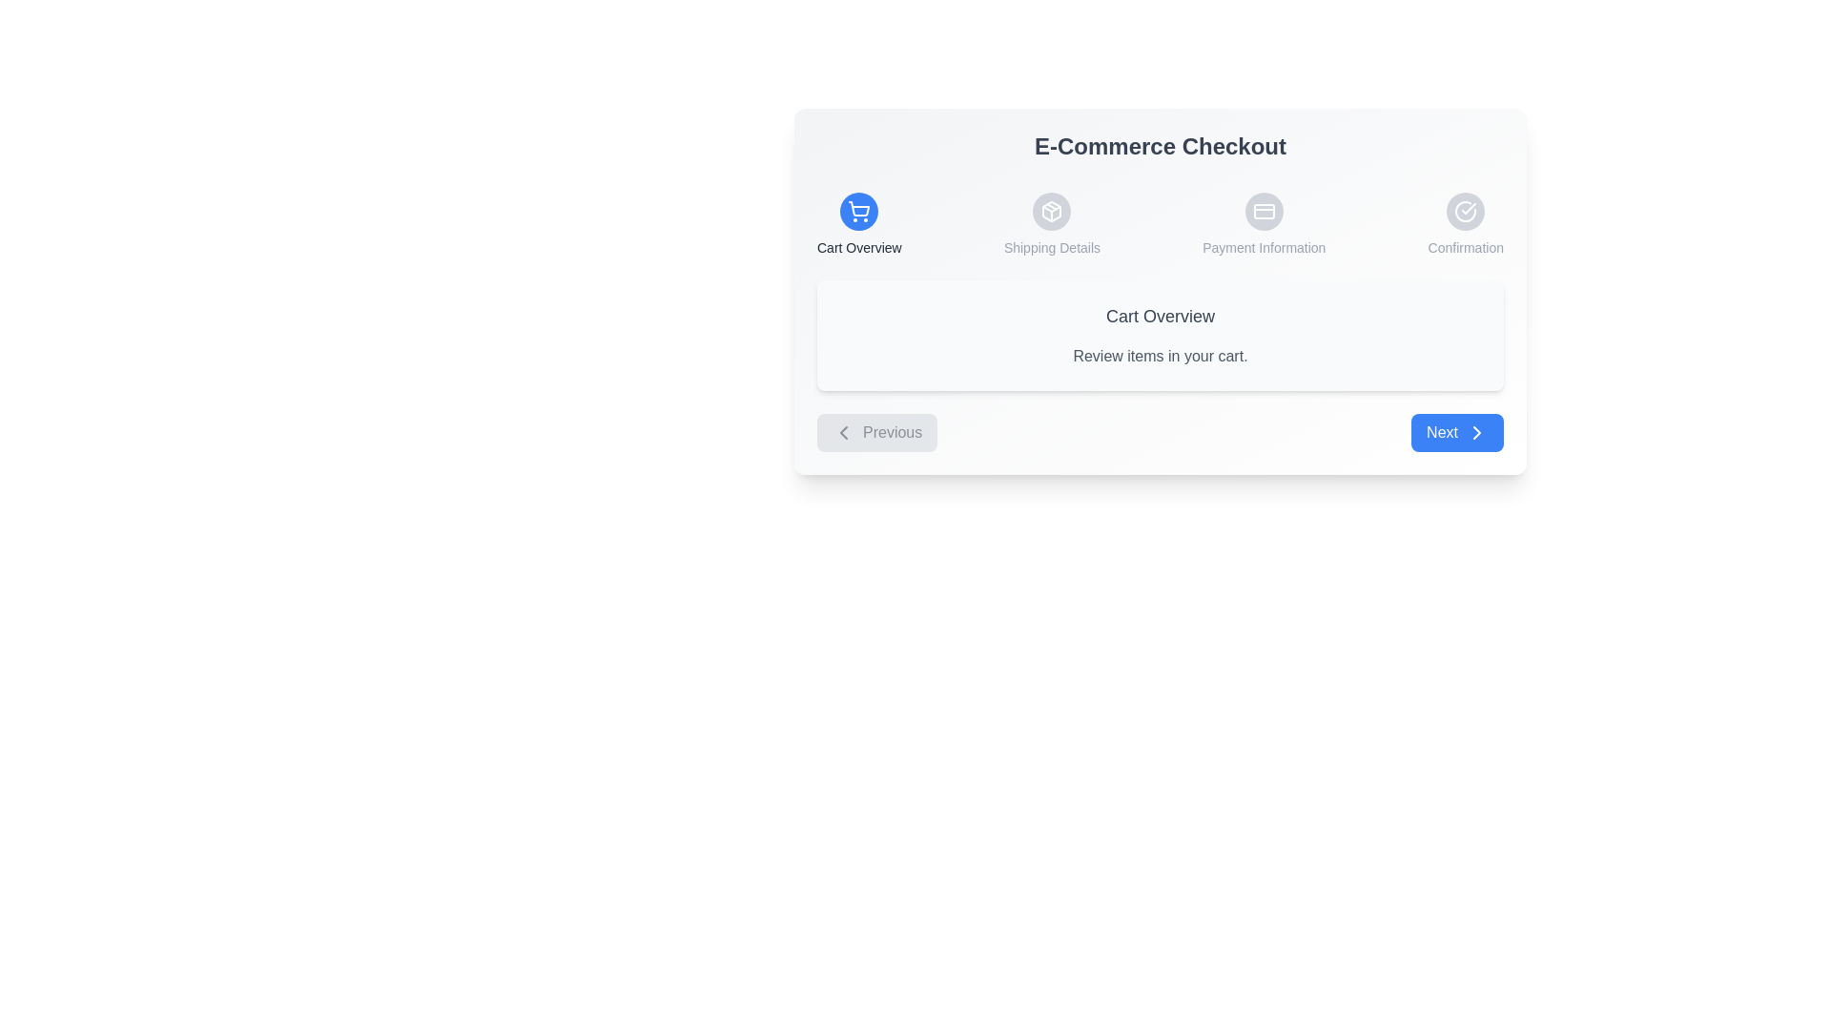  Describe the element at coordinates (1051, 246) in the screenshot. I see `the text label reading 'Shipping Details'` at that location.